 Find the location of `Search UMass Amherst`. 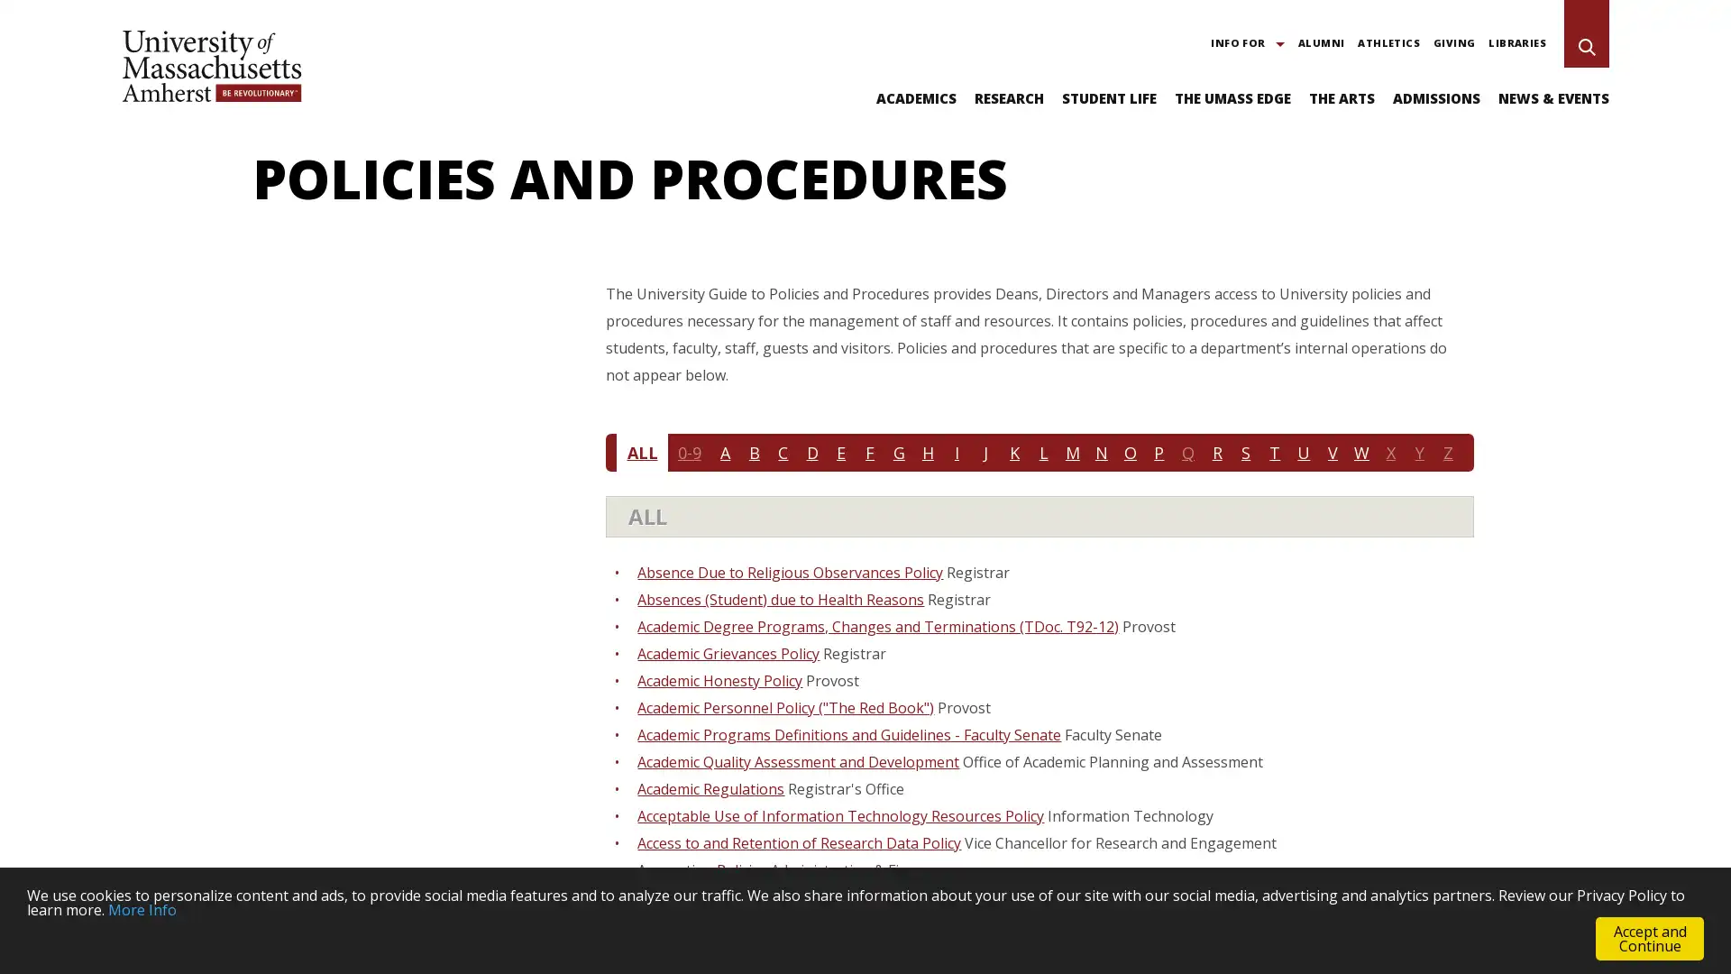

Search UMass Amherst is located at coordinates (1587, 48).